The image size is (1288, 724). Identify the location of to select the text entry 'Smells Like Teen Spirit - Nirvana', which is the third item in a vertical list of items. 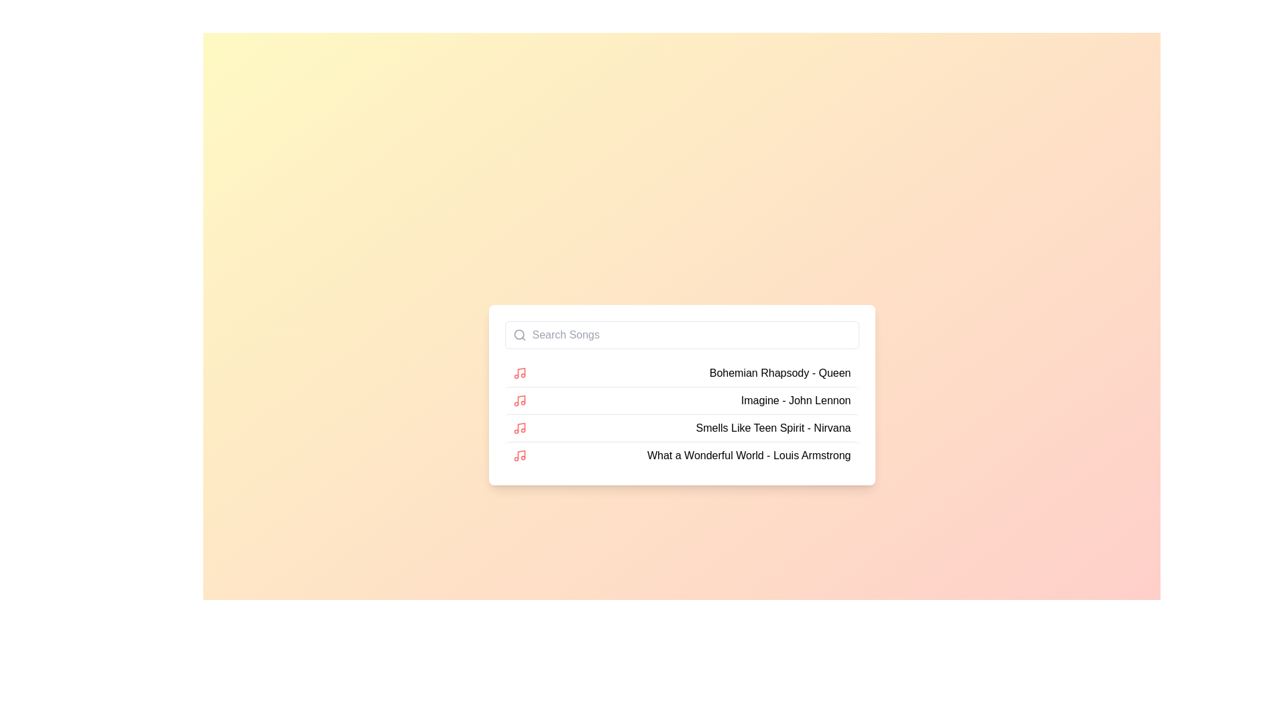
(773, 428).